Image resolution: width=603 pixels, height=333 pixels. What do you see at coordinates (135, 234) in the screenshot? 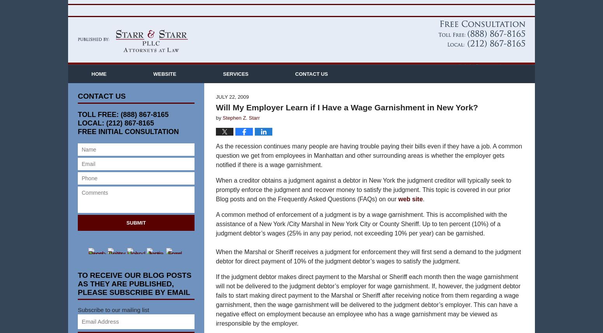
I see `'Submit'` at bounding box center [135, 234].